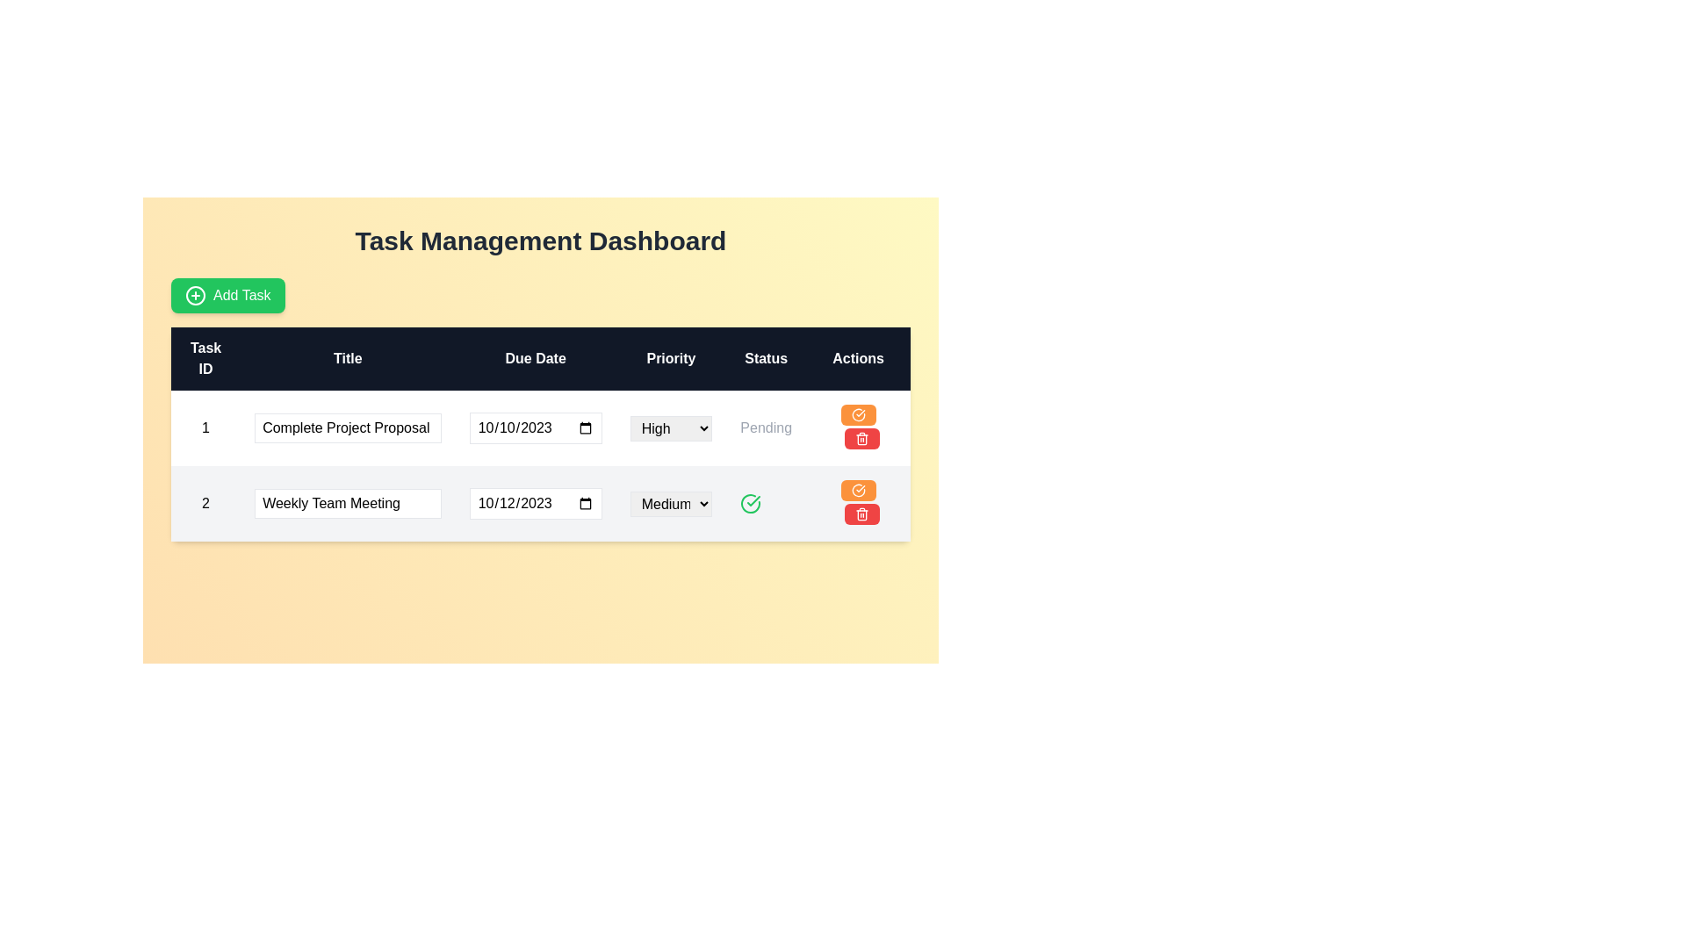 Image resolution: width=1686 pixels, height=948 pixels. I want to click on the 'Actions' text label in the header of the task management dashboard table, which displays the word 'Actions' in white font on a dark background, so click(858, 357).